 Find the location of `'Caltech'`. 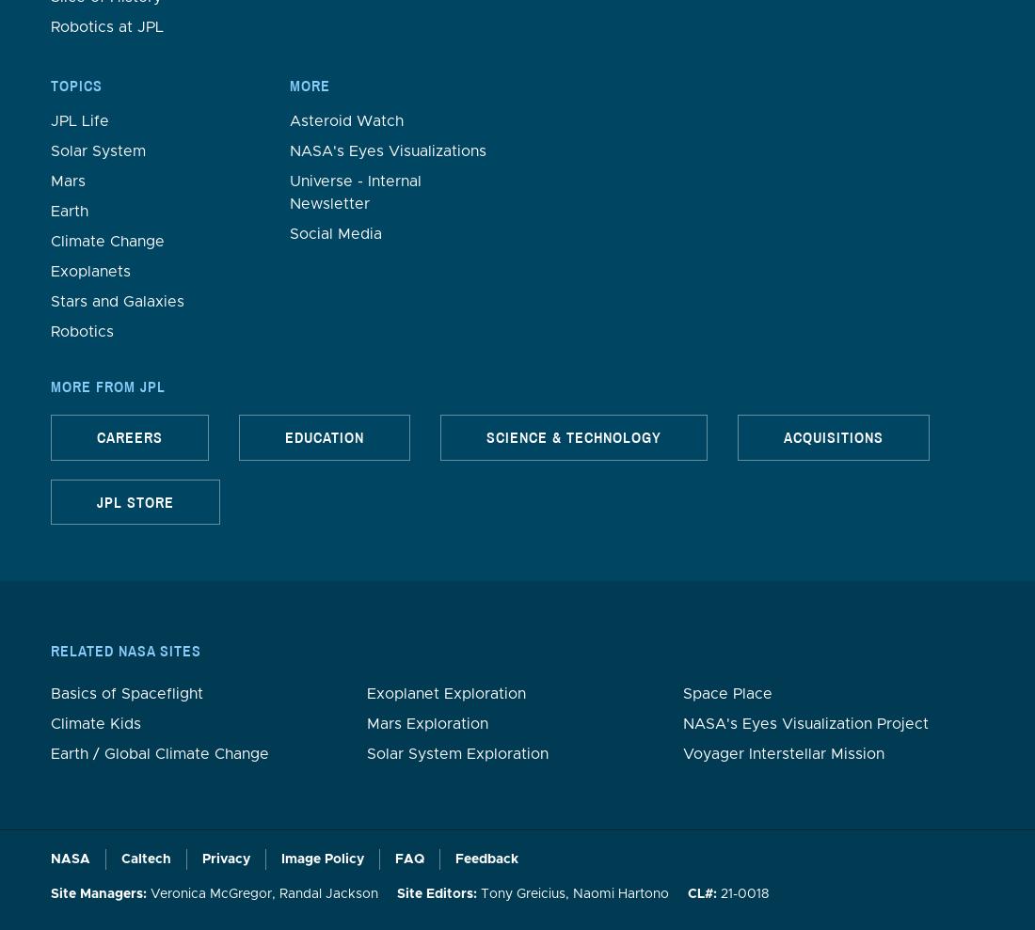

'Caltech' is located at coordinates (145, 858).